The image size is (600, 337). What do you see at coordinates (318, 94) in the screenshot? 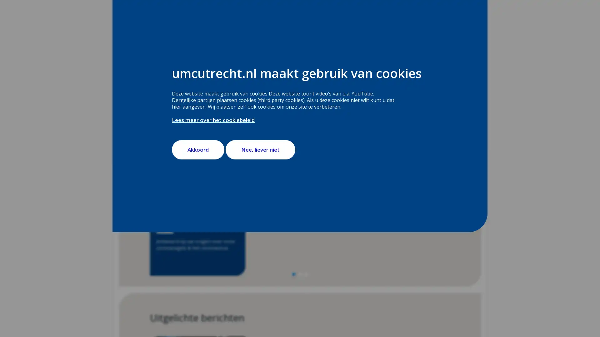
I see `Zoeken` at bounding box center [318, 94].